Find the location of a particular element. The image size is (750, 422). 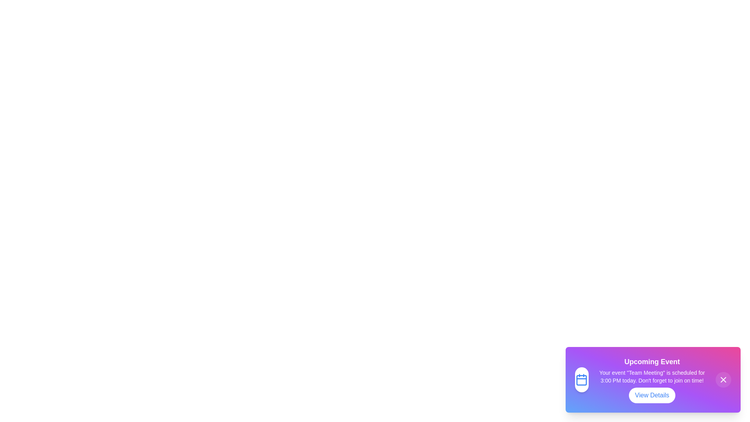

the 'View Details' button to view the notification details is located at coordinates (652, 395).